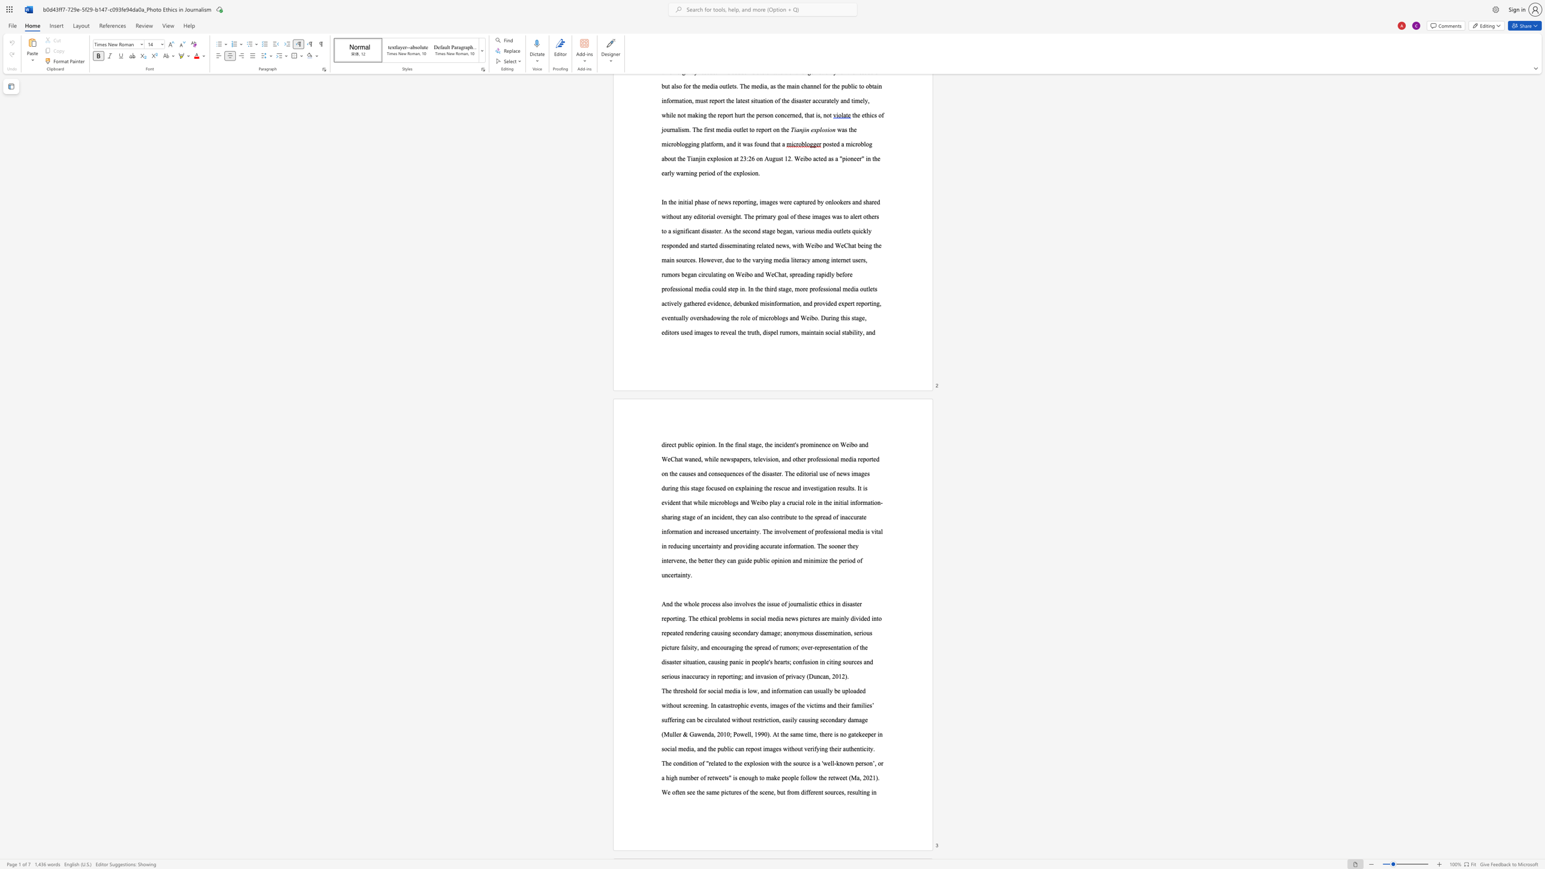 The image size is (1545, 869). What do you see at coordinates (793, 444) in the screenshot?
I see `the subset text "t" within the text "direct public opinion. In the final stage, the incident"` at bounding box center [793, 444].